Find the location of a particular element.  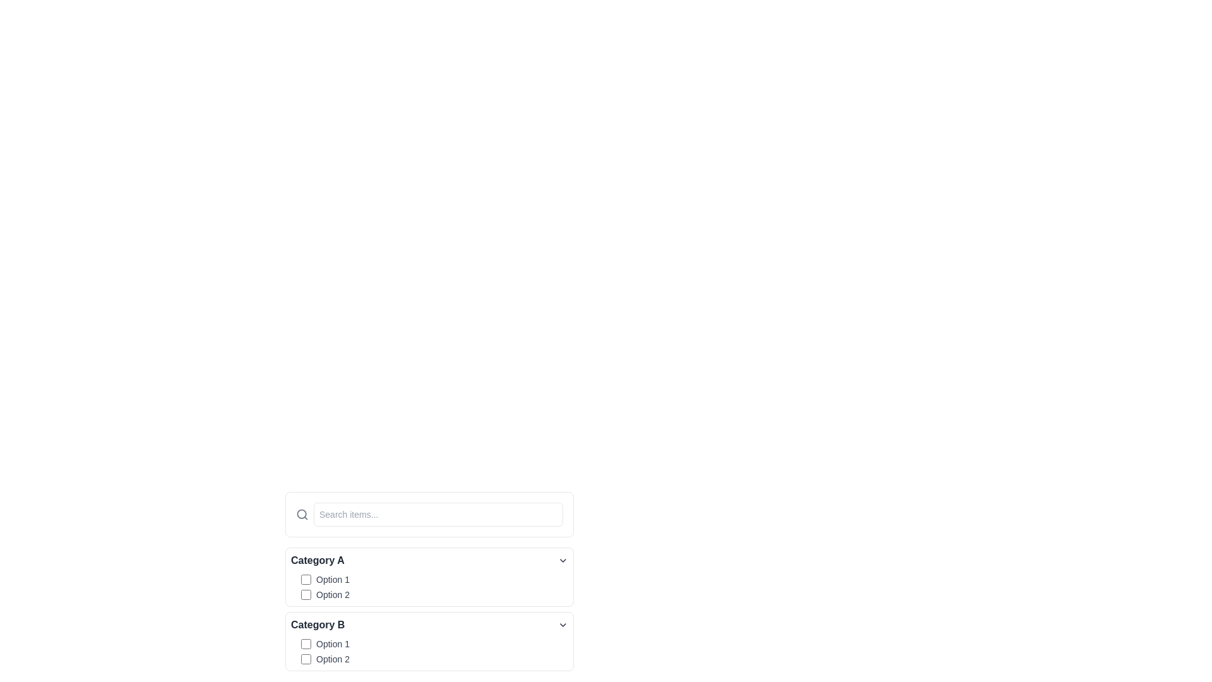

the first checkbox labeled 'Option 1' under the 'Category B' section is located at coordinates (306, 643).